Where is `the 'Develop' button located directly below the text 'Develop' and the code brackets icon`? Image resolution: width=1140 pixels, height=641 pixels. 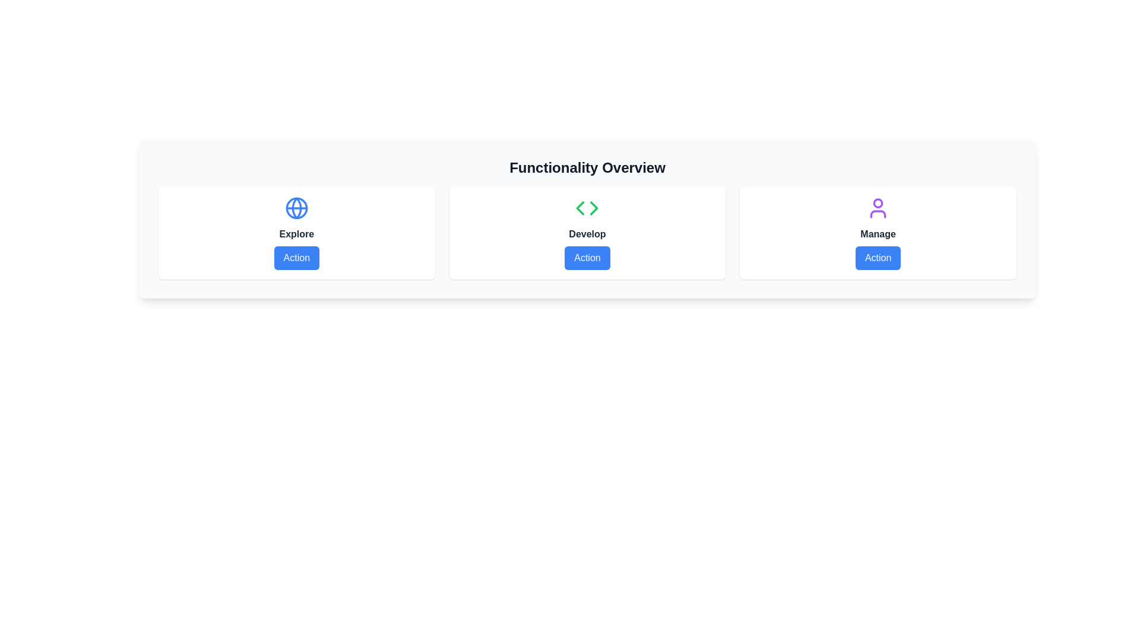 the 'Develop' button located directly below the text 'Develop' and the code brackets icon is located at coordinates (587, 258).